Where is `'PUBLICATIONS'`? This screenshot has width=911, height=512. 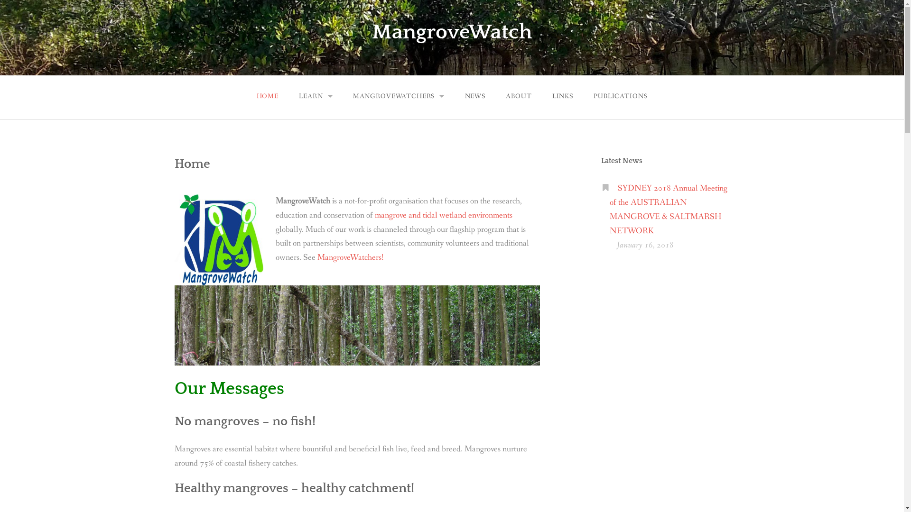 'PUBLICATIONS' is located at coordinates (621, 96).